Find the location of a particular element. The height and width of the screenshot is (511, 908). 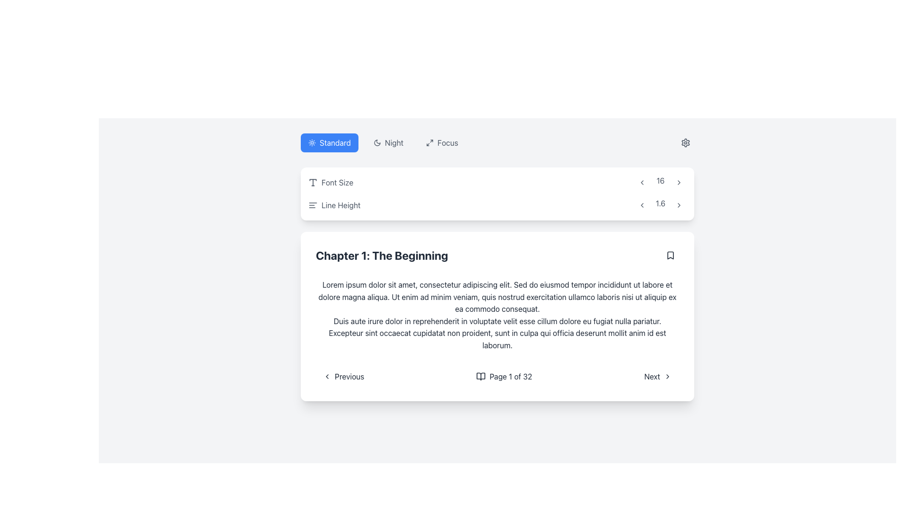

label indicating the font size configuration, located at the top left of the settings section, above the 'Line Height' element is located at coordinates (331, 182).